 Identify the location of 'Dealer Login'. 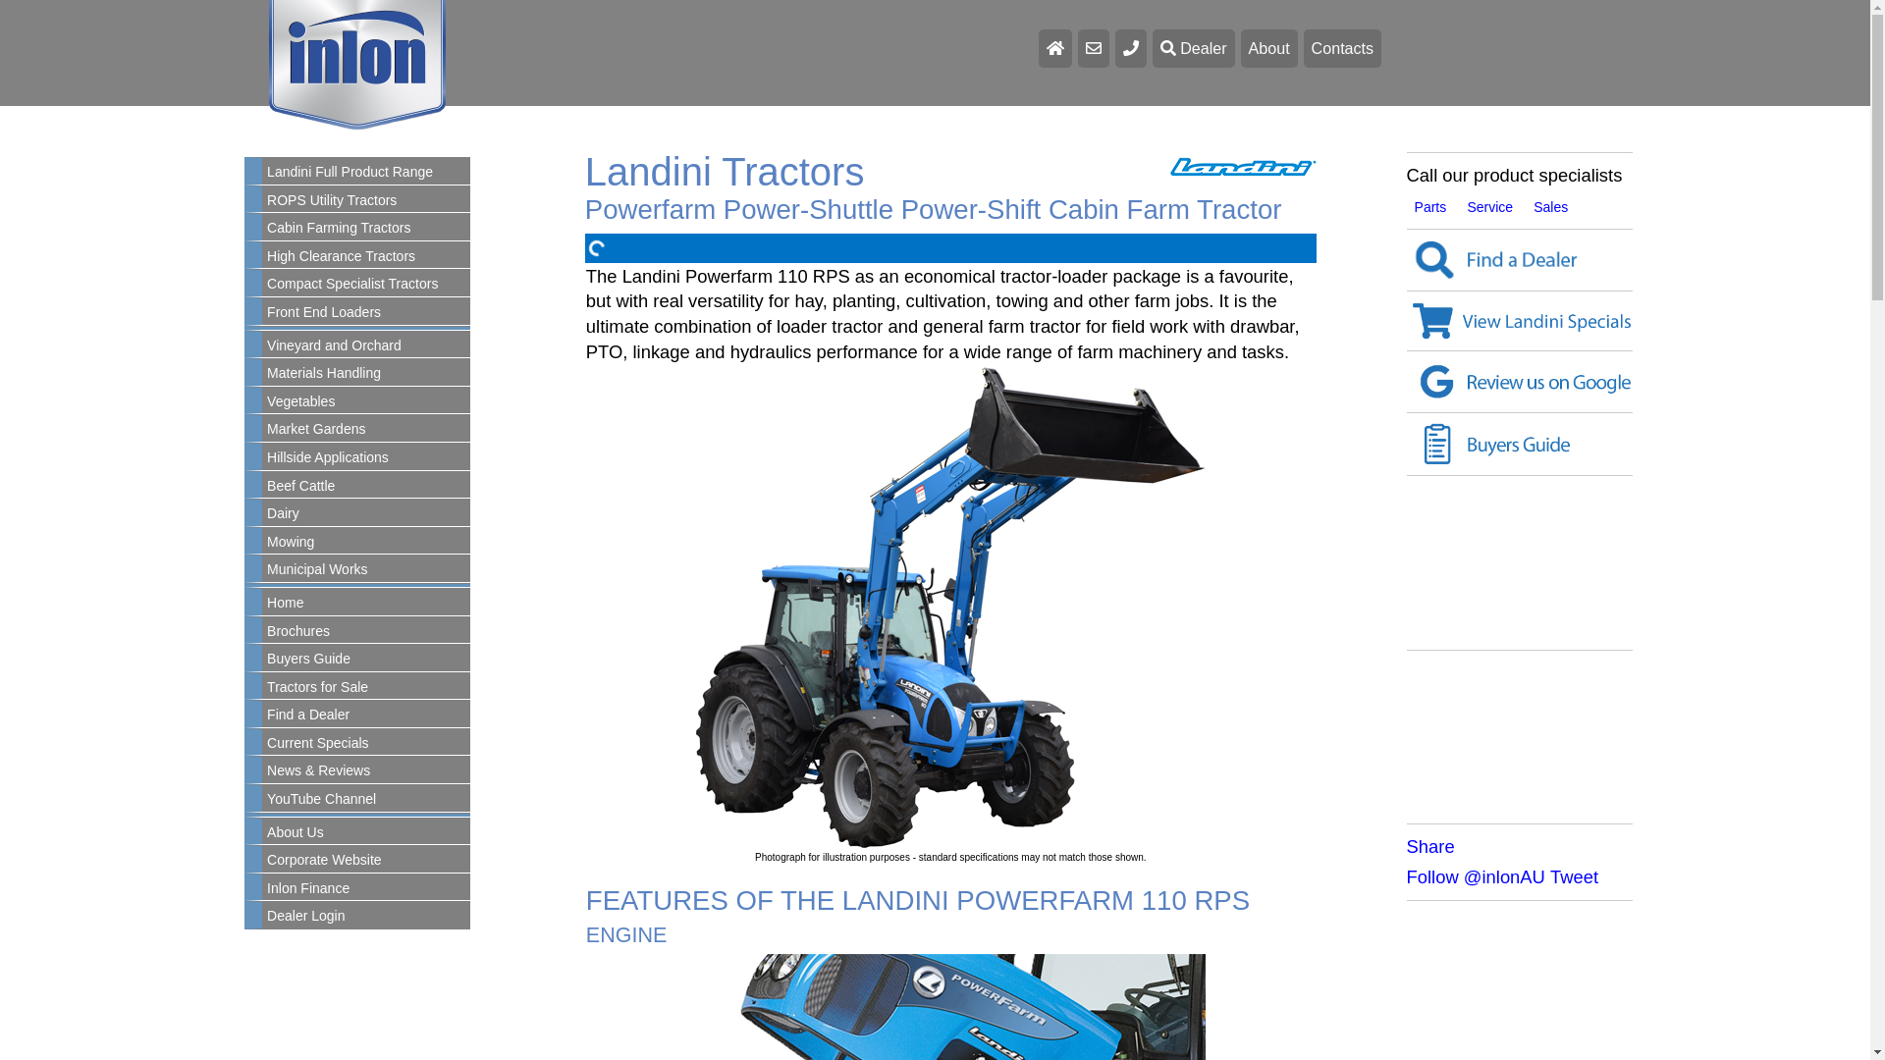
(366, 916).